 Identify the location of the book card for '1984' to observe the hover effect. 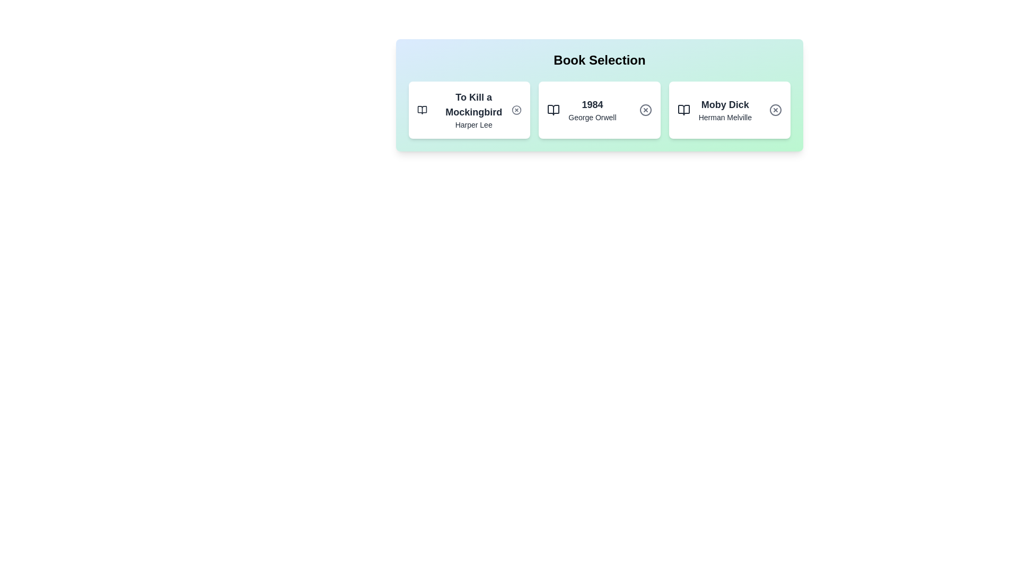
(600, 110).